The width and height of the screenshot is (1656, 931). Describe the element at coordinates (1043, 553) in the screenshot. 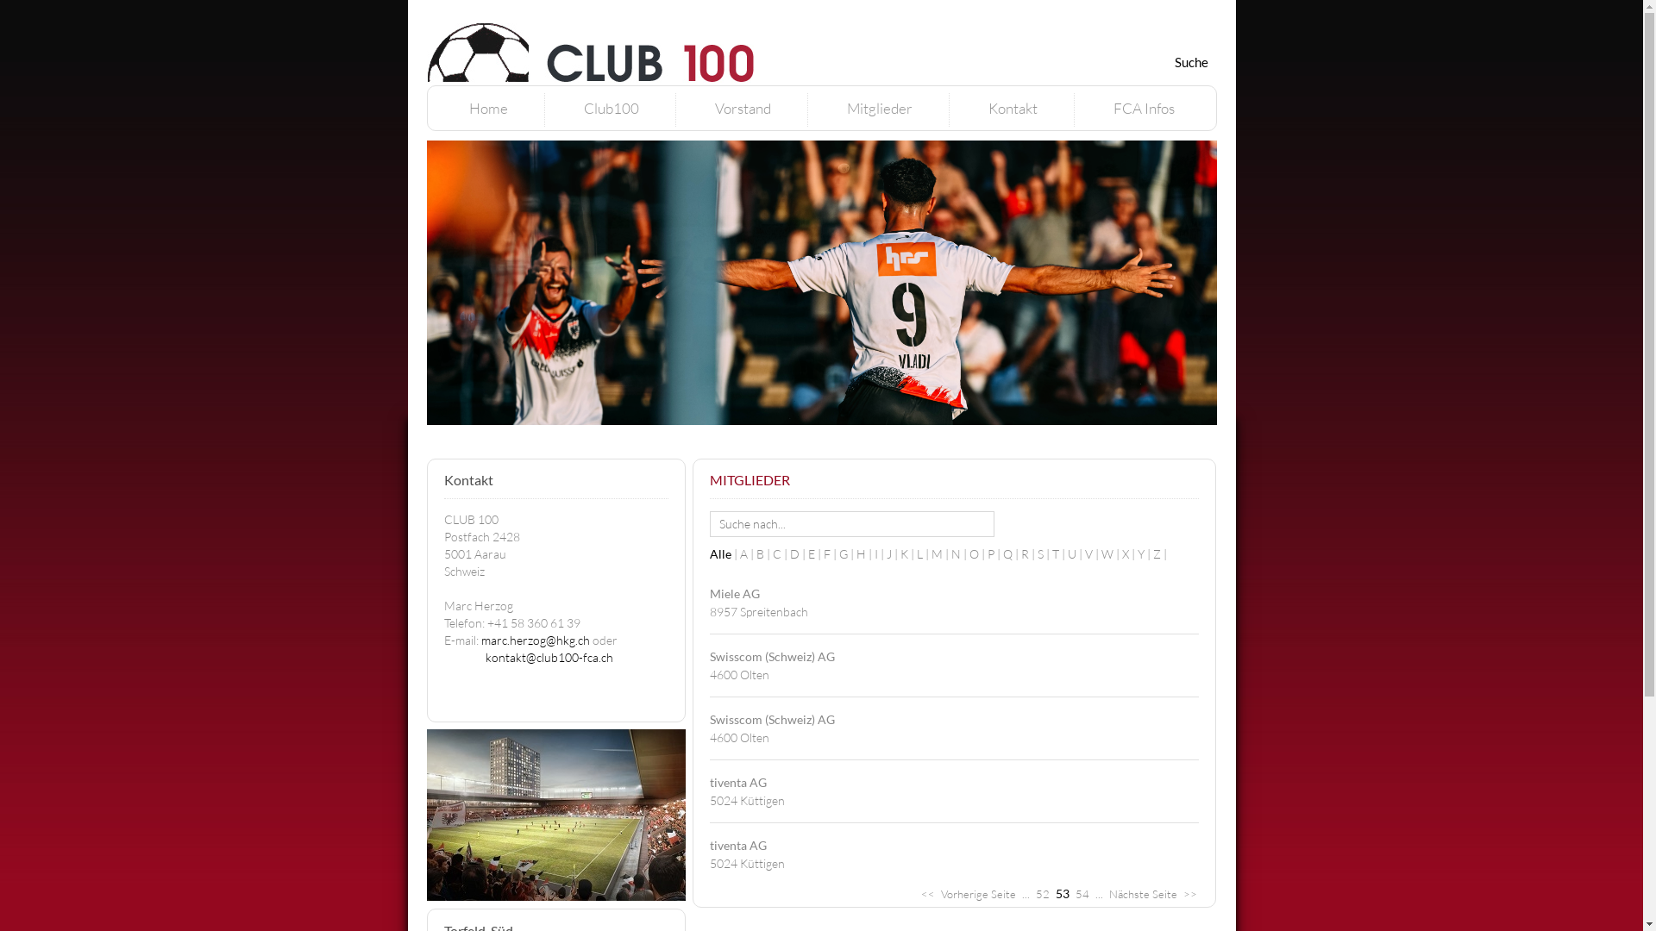

I see `'S'` at that location.